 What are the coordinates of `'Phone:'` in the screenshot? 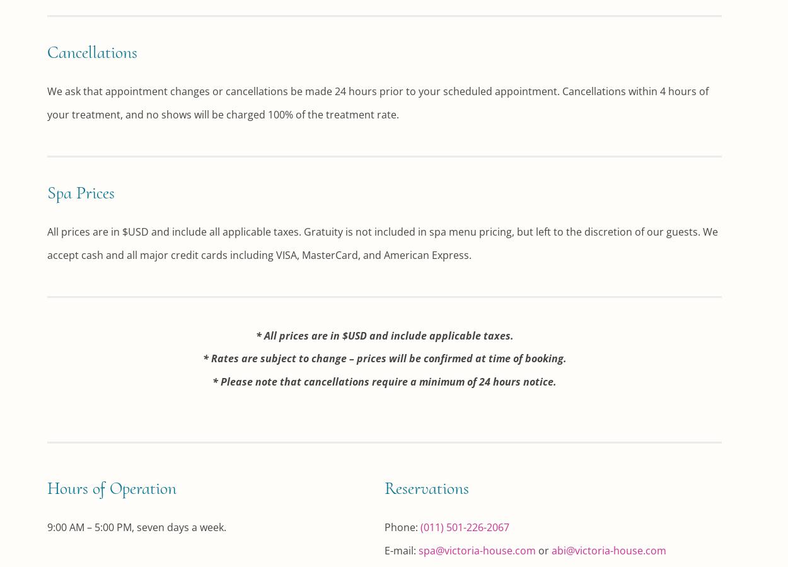 It's located at (402, 527).